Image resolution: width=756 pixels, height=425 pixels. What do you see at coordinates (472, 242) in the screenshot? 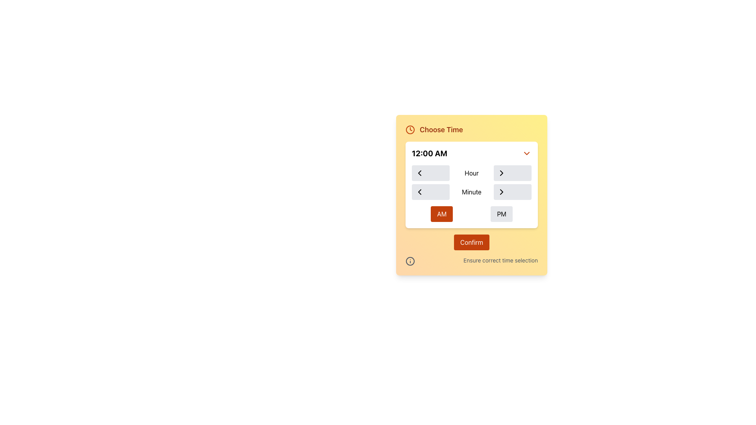
I see `the 'Confirm' button, which is a rectangular button with rounded corners, an orange background, and white text, located at the bottom of the time-setting modal` at bounding box center [472, 242].